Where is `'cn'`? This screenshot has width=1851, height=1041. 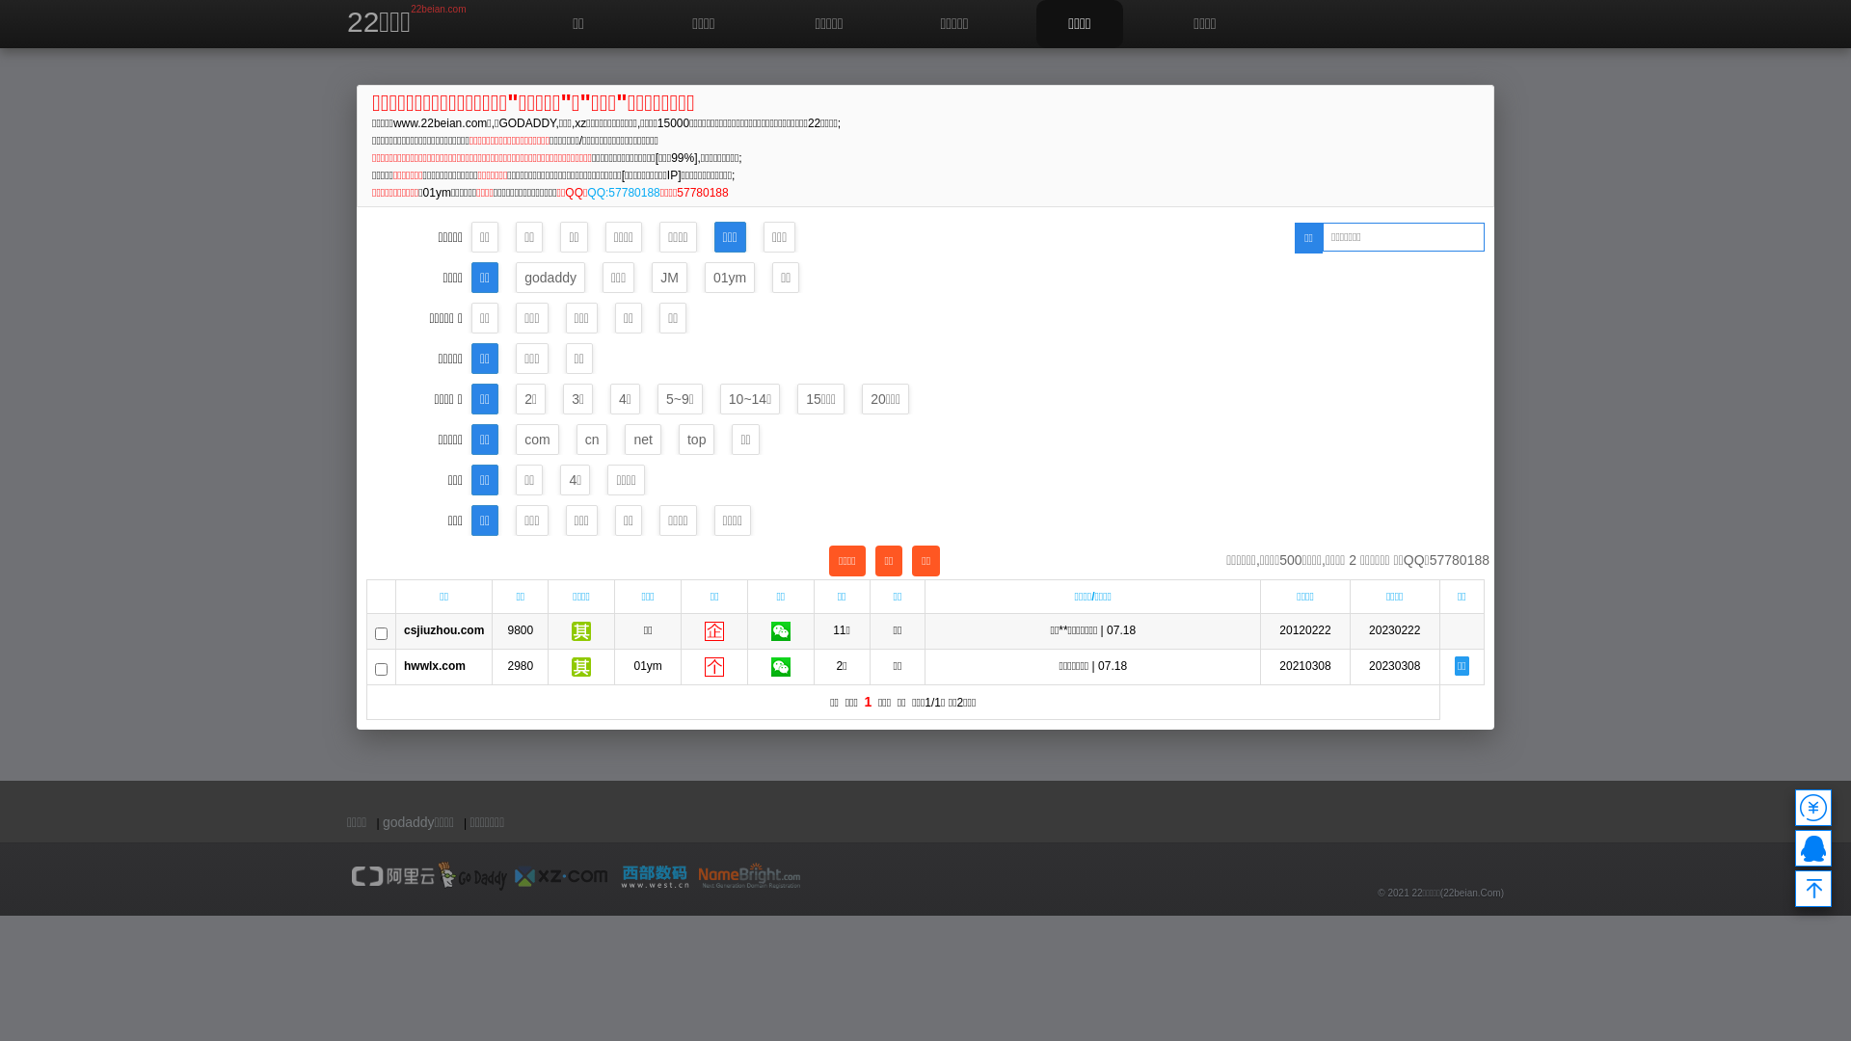
'cn' is located at coordinates (577, 439).